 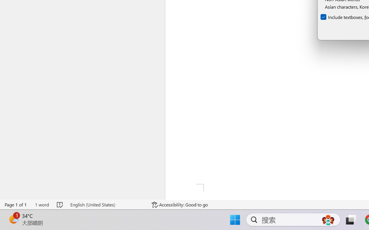 What do you see at coordinates (328, 220) in the screenshot?
I see `'AutomationID: DynamicSearchBoxGleamImage'` at bounding box center [328, 220].